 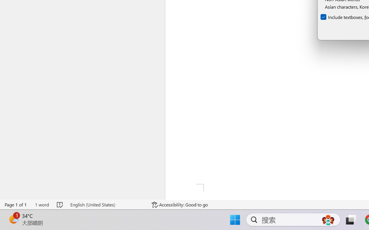 What do you see at coordinates (328, 220) in the screenshot?
I see `'AutomationID: DynamicSearchBoxGleamImage'` at bounding box center [328, 220].